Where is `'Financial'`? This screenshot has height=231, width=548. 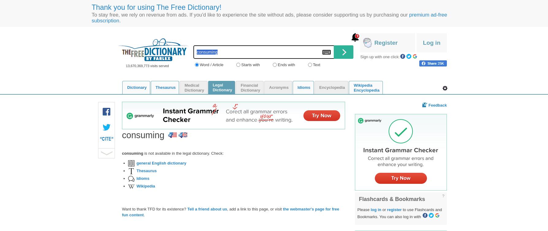
'Financial' is located at coordinates (249, 85).